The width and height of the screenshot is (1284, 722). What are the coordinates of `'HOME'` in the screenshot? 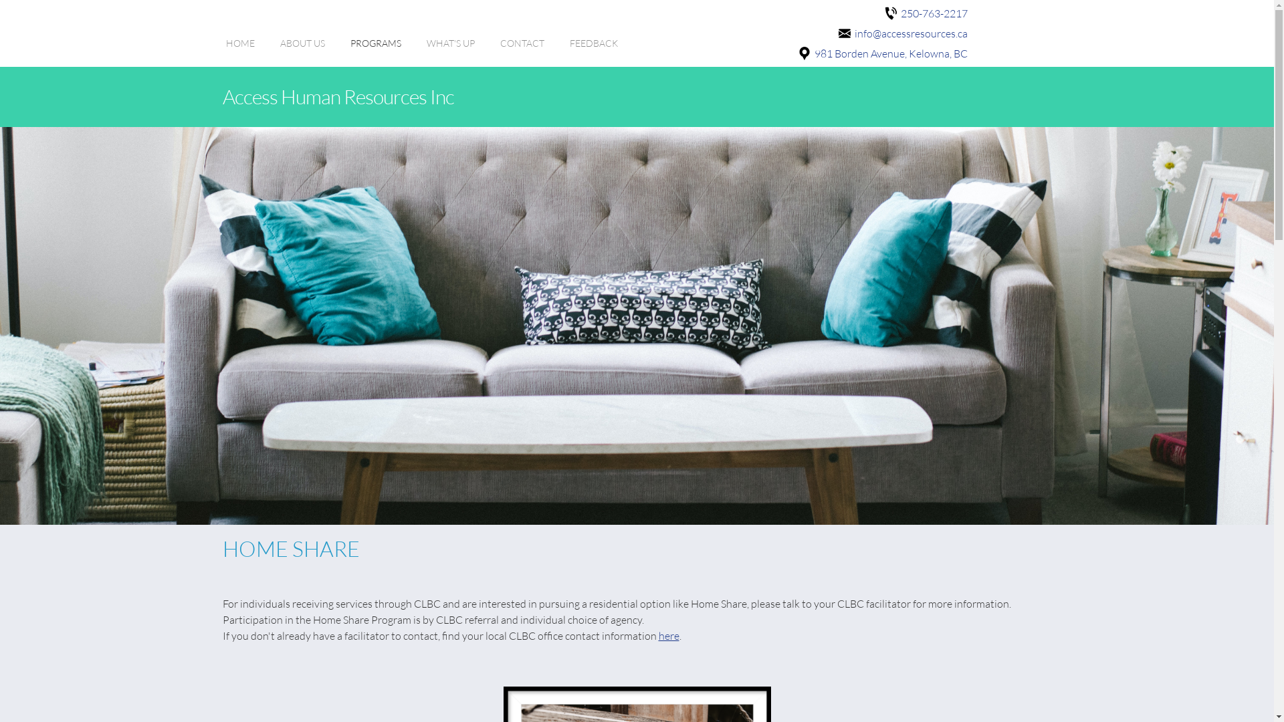 It's located at (240, 49).